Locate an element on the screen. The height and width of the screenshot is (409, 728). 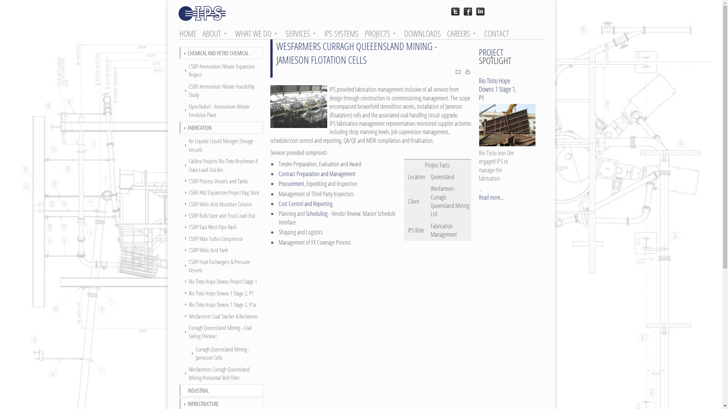
'Rio Tinto Hope Downs Project Stage 1' is located at coordinates (221, 281).